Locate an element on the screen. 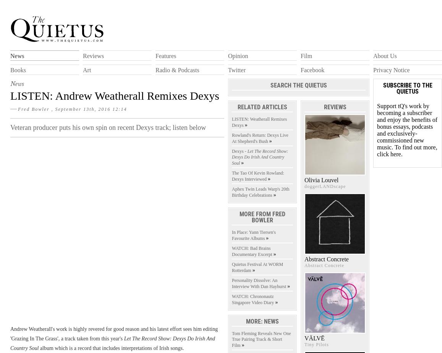  'Personality Dissolve: An Interview With Dan Hayhurst' is located at coordinates (232, 283).